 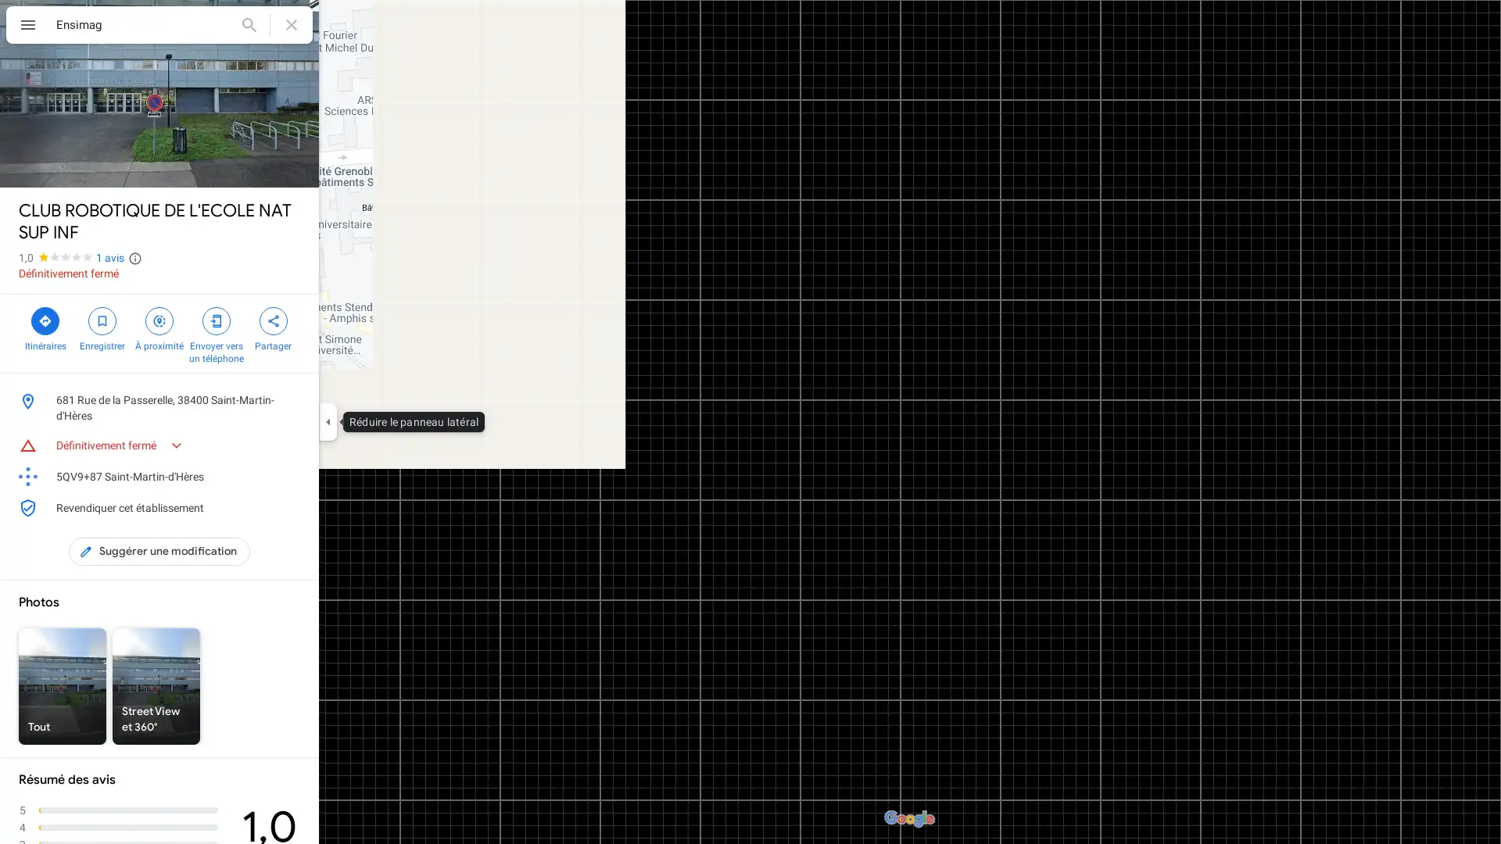 I want to click on Menu, so click(x=27, y=27).